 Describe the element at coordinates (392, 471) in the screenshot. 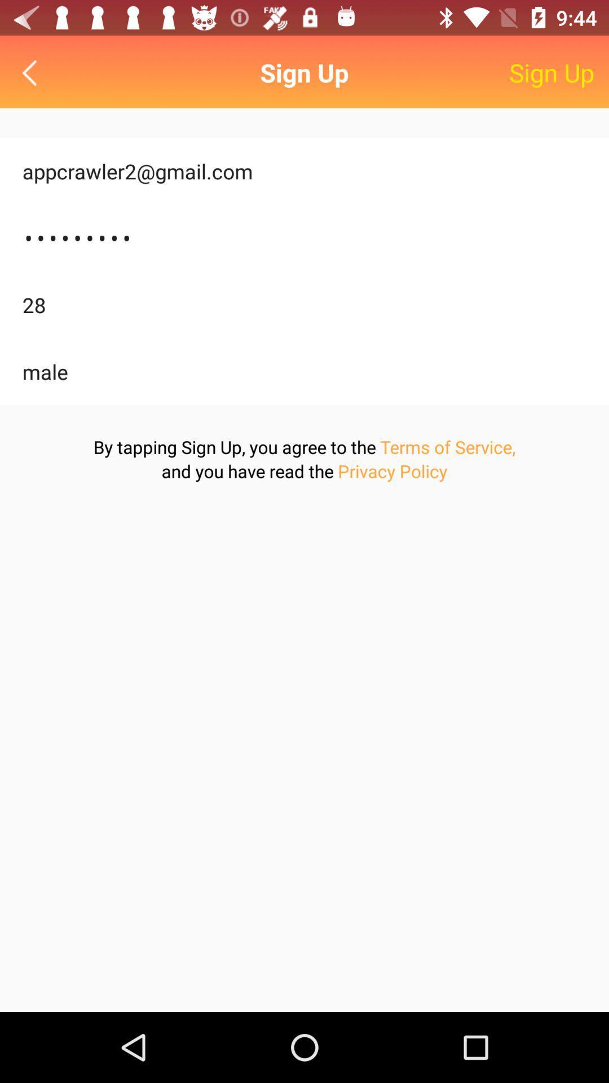

I see `item to the right of the and you have` at that location.